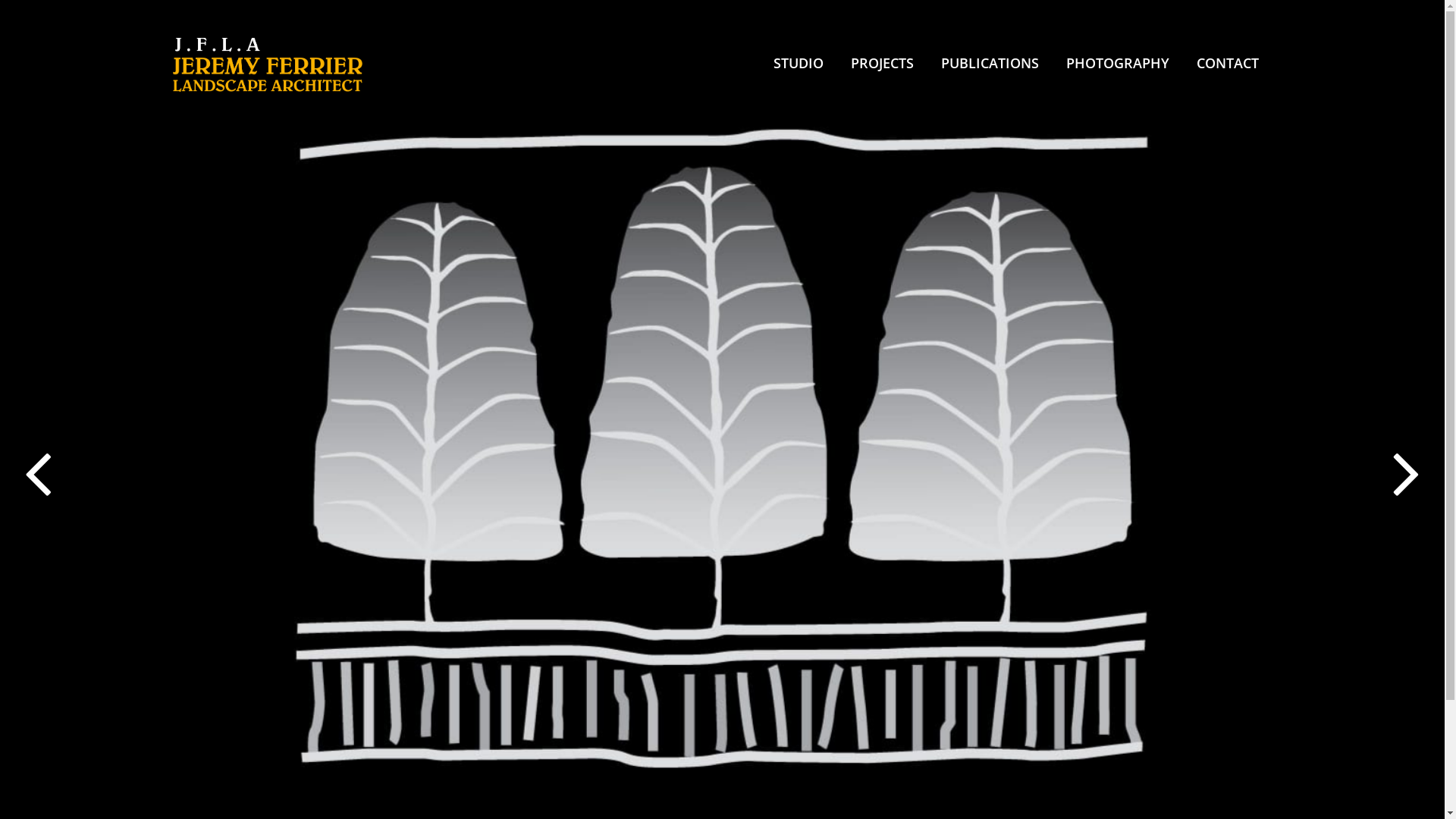  What do you see at coordinates (989, 62) in the screenshot?
I see `'PUBLICATIONS'` at bounding box center [989, 62].